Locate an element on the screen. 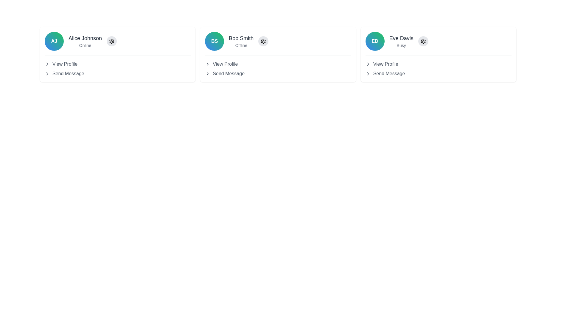 This screenshot has height=321, width=572. the rightward-pointing chevron icon next to the 'Send Message' text label within Bob Smith's user card is located at coordinates (208, 73).